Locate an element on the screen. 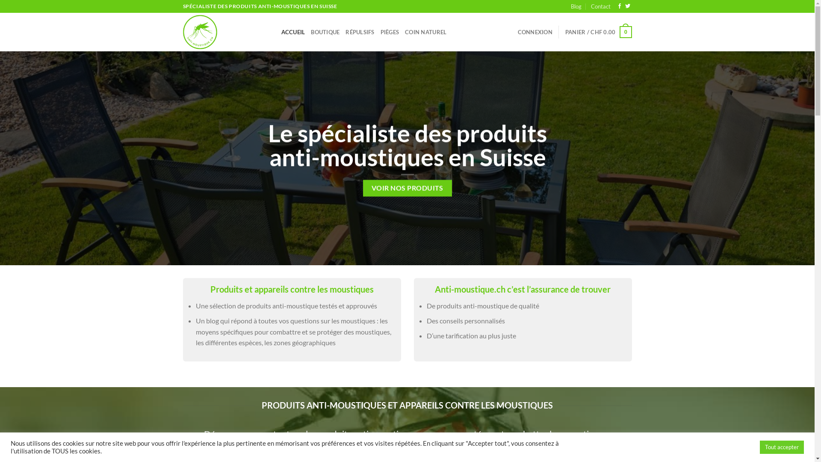  'Nous suivre sur Facebook' is located at coordinates (620, 6).